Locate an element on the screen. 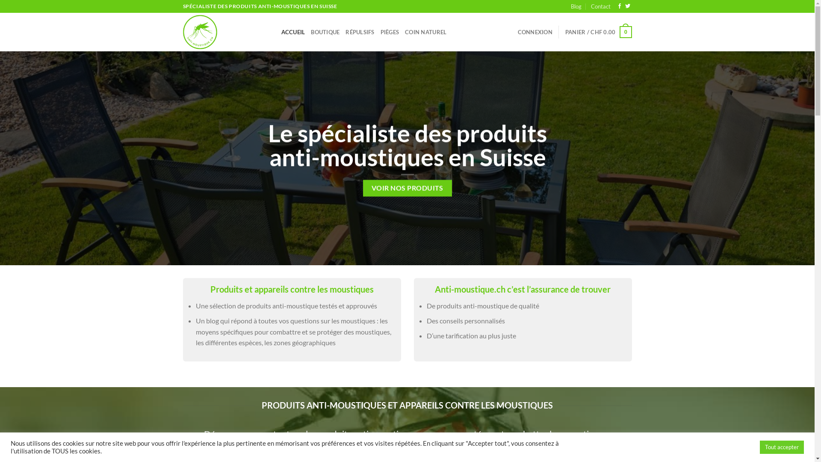  'Nous suivre sur Facebook' is located at coordinates (620, 6).